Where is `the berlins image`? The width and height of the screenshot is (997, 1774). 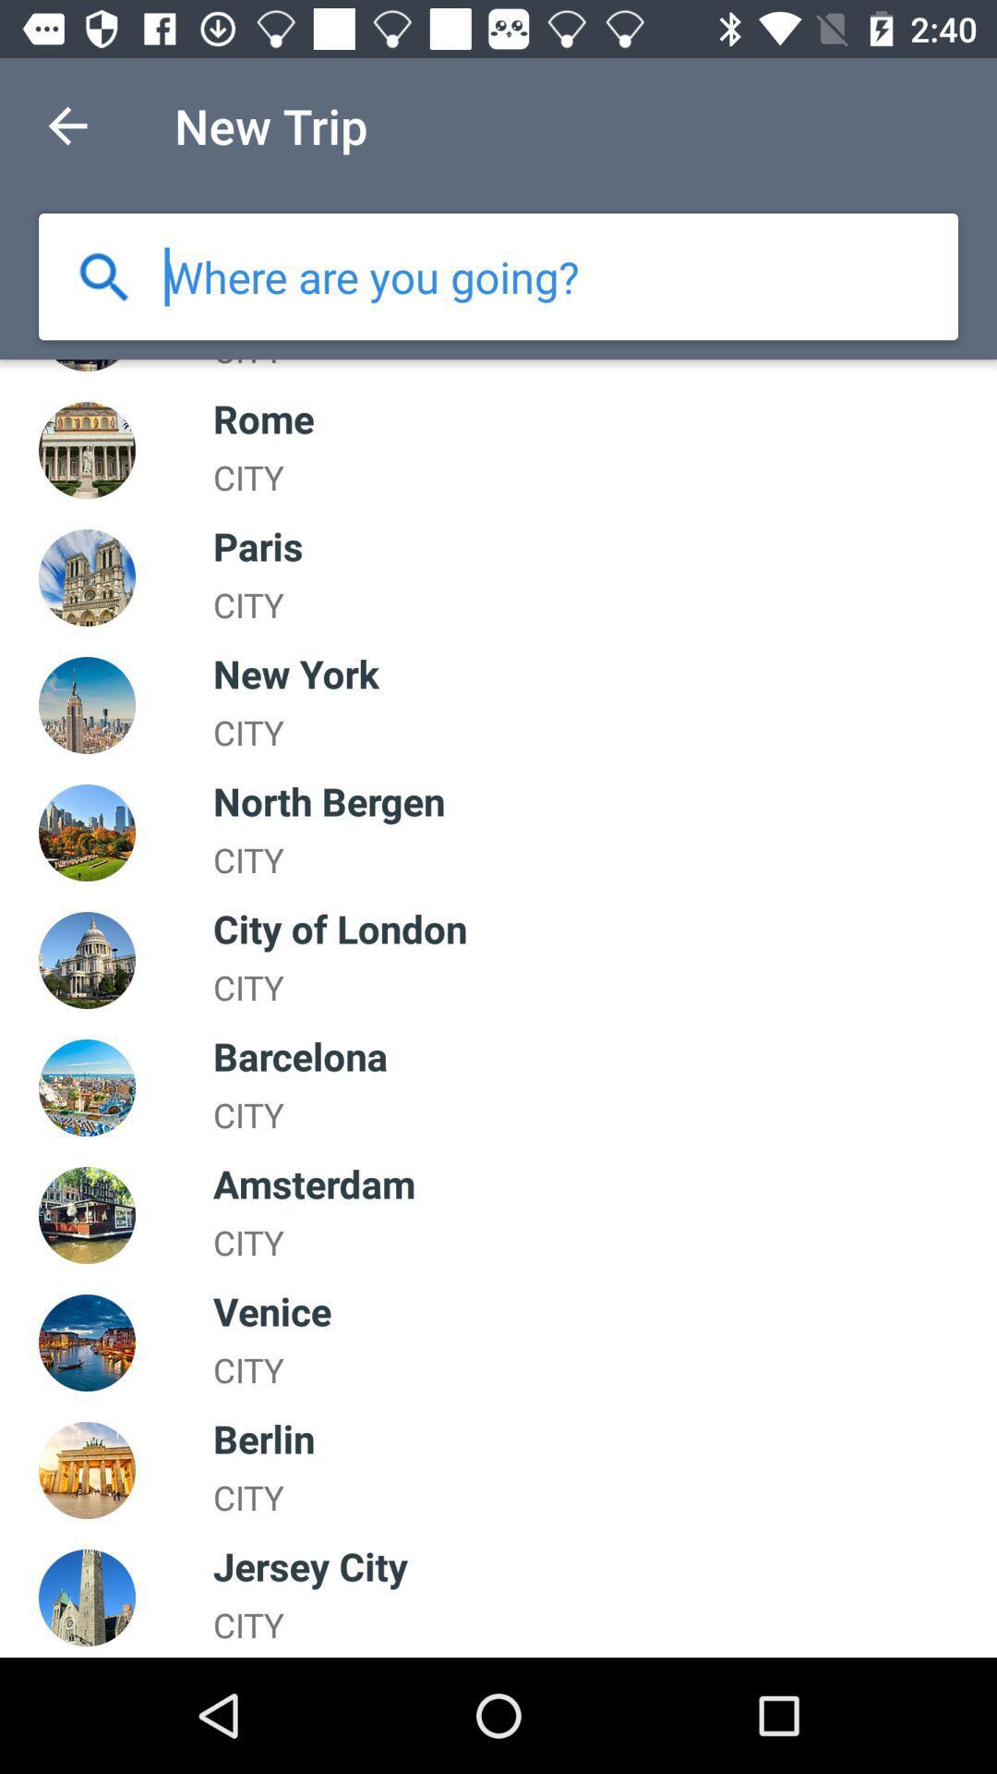
the berlins image is located at coordinates (87, 1469).